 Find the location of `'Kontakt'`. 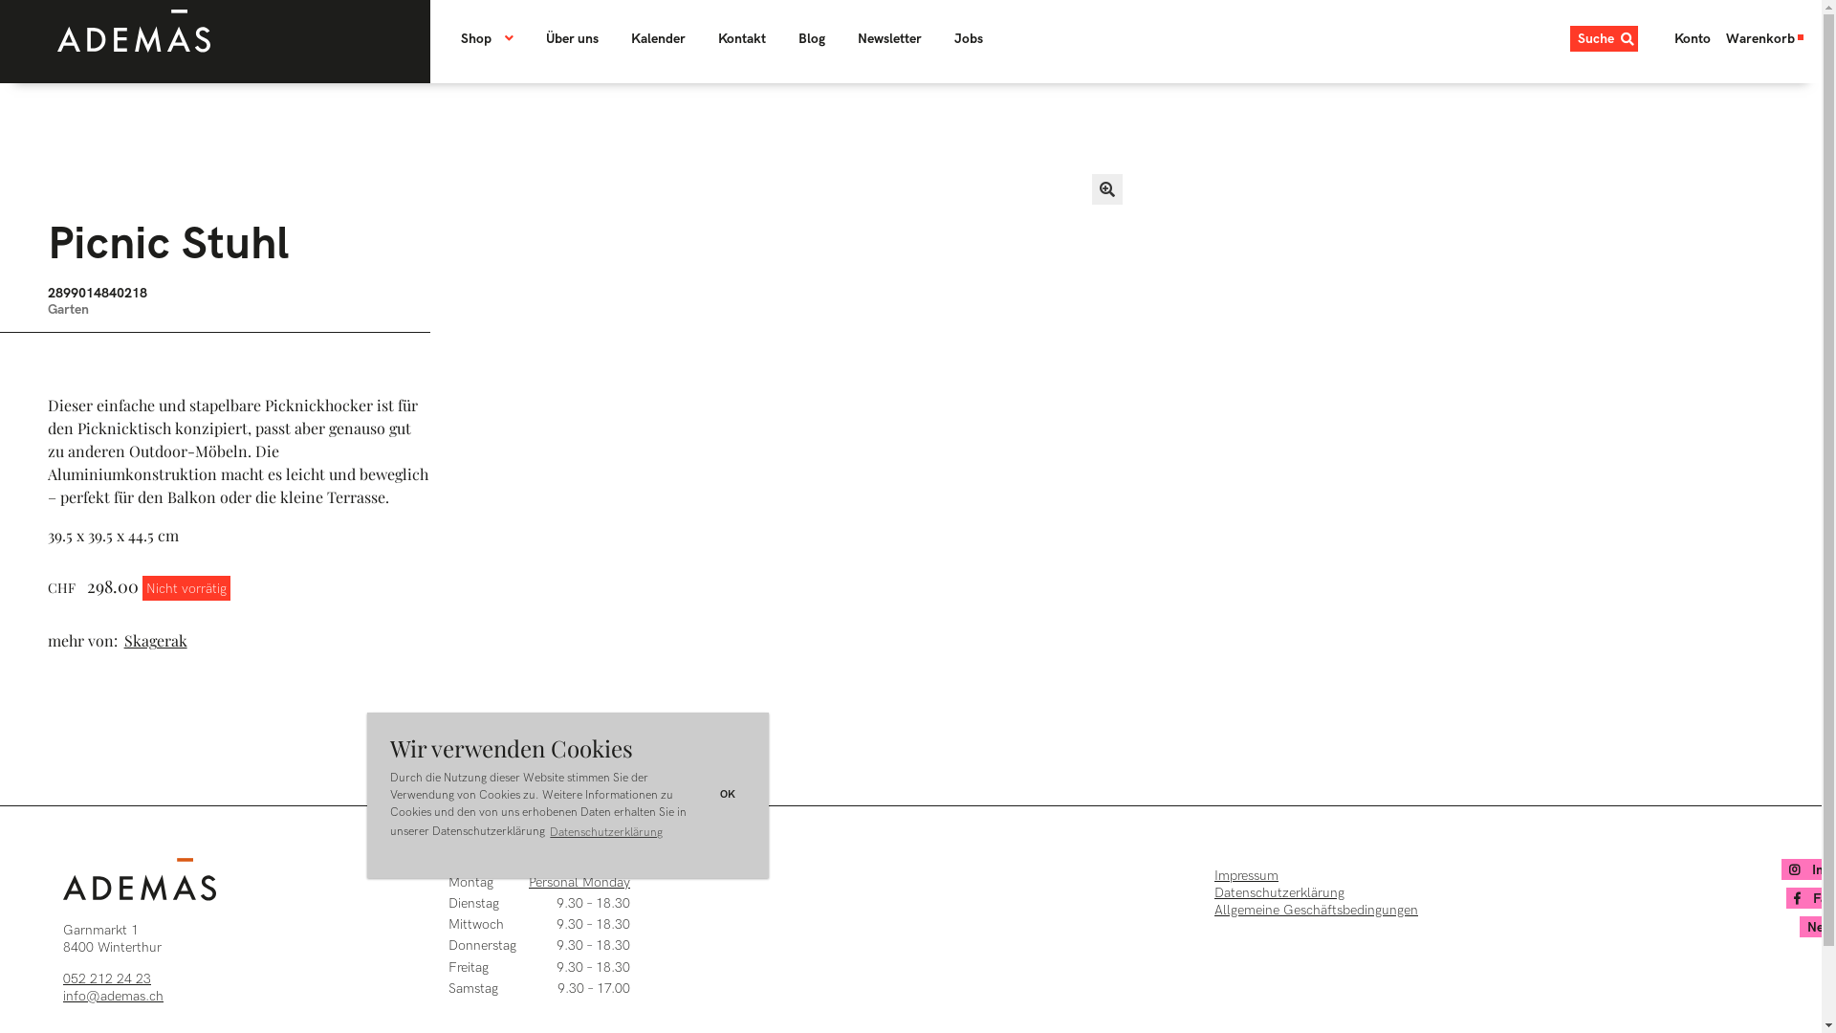

'Kontakt' is located at coordinates (702, 38).